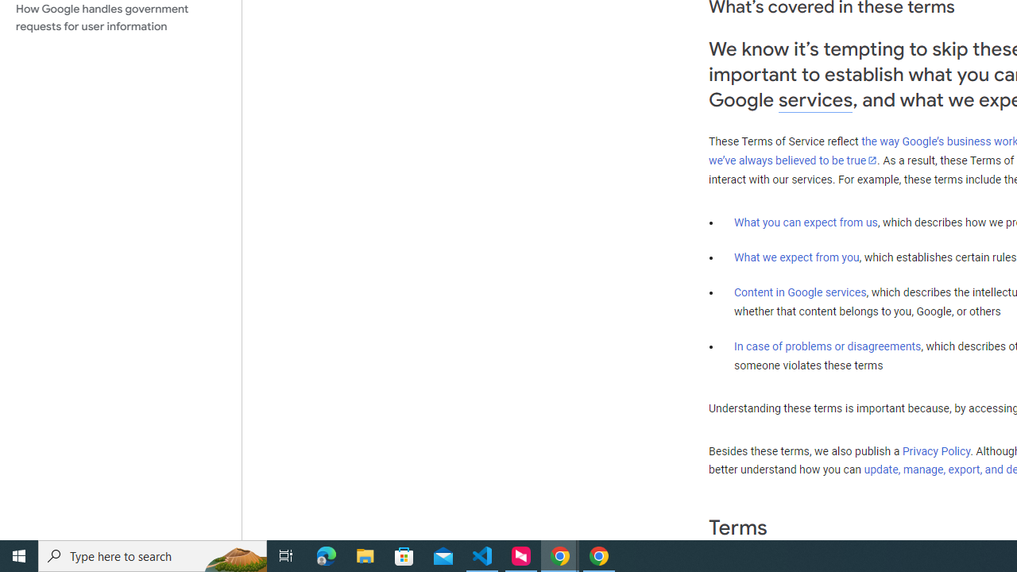  I want to click on 'What you can expect from us', so click(806, 222).